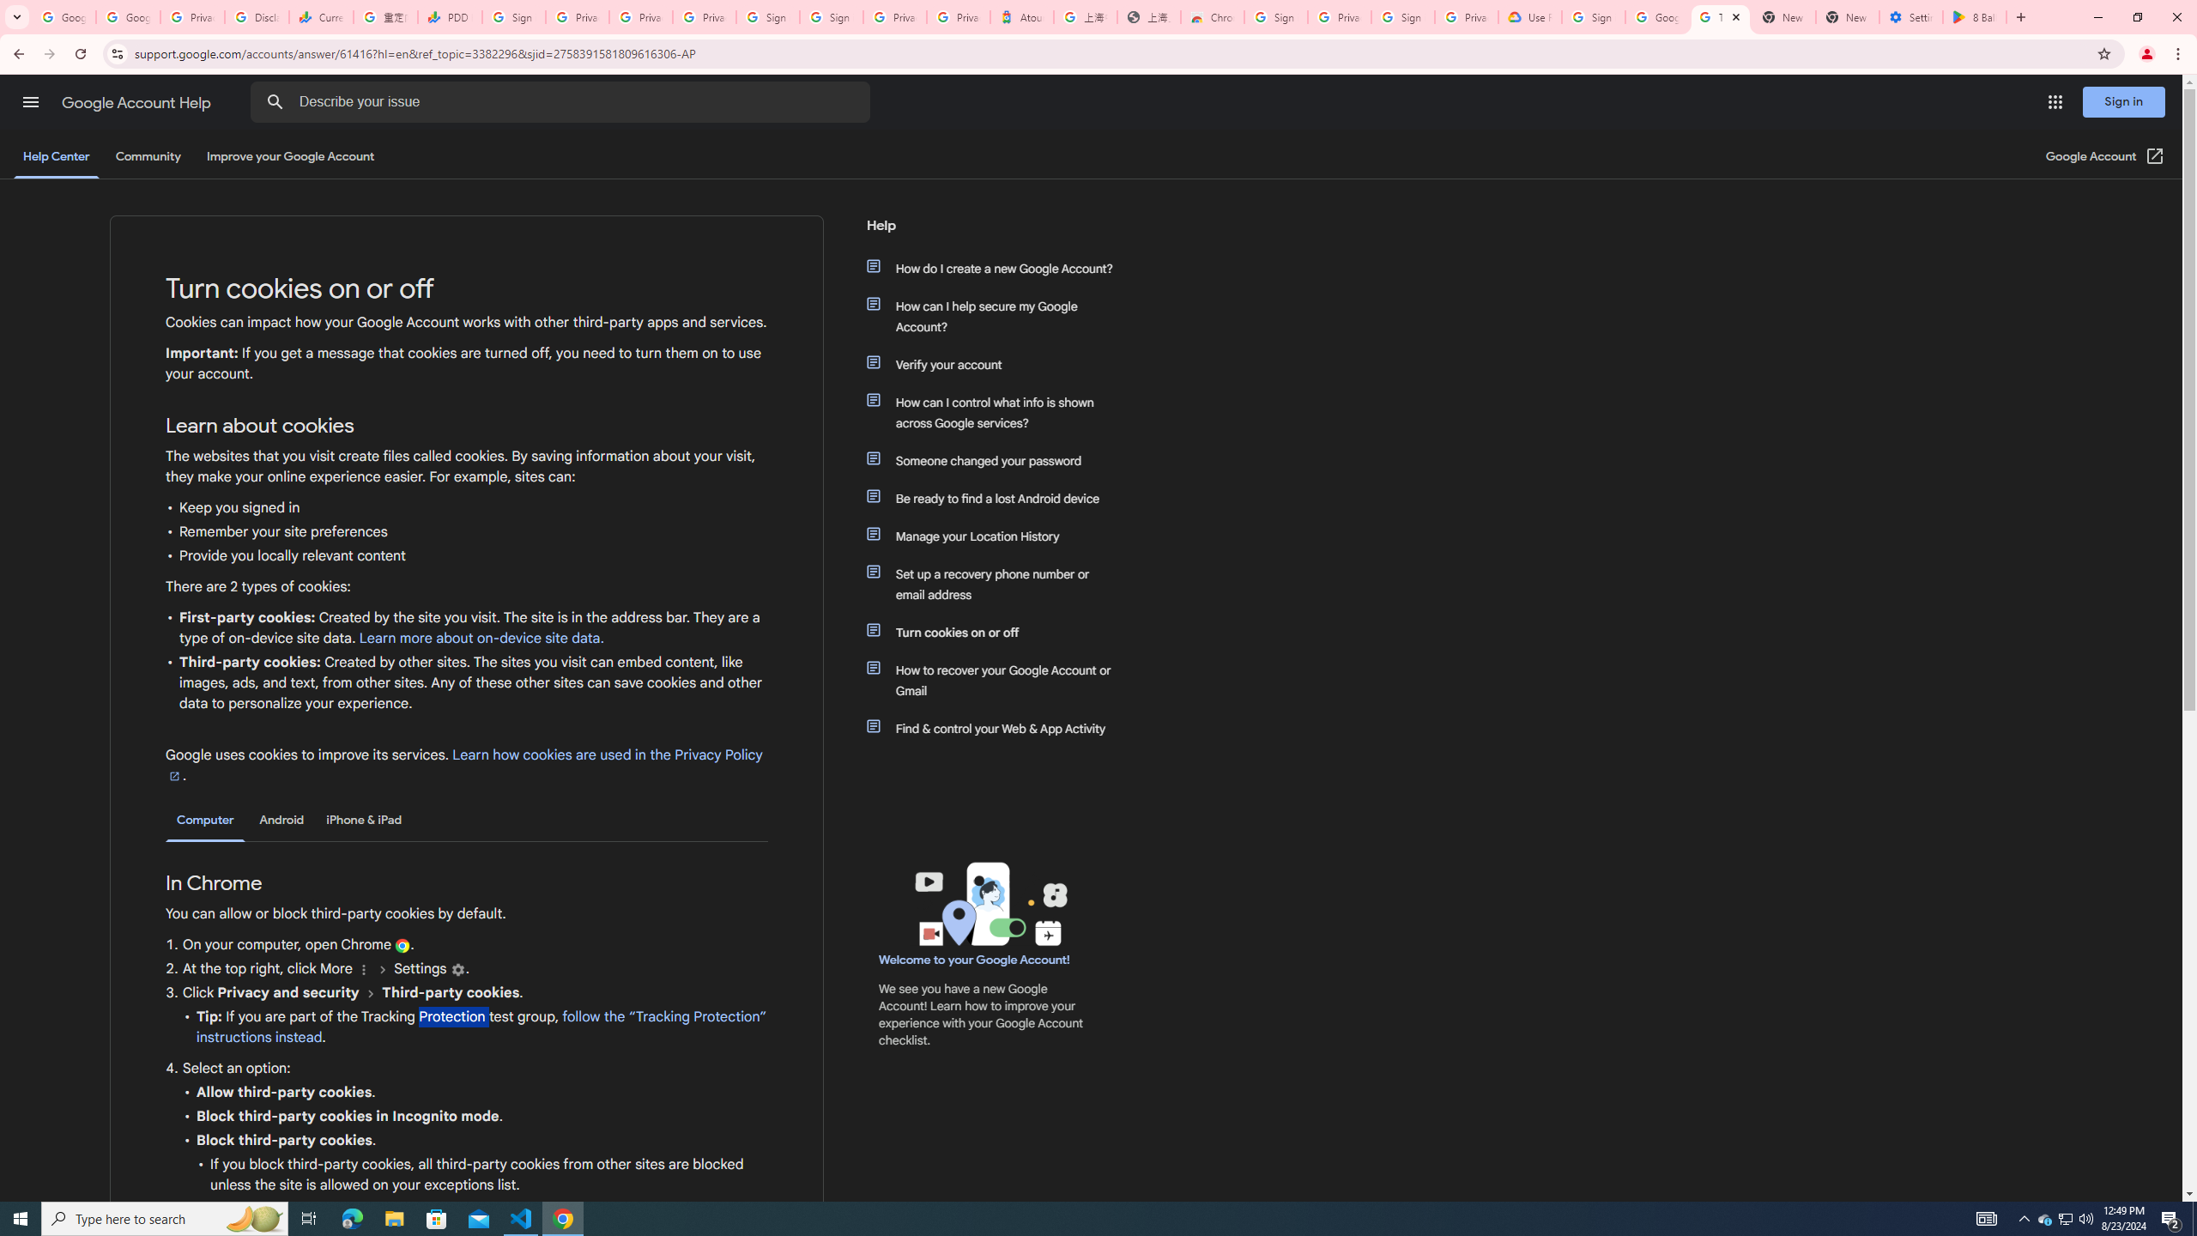 The width and height of the screenshot is (2197, 1236). What do you see at coordinates (997, 632) in the screenshot?
I see `'Turn cookies on or off'` at bounding box center [997, 632].